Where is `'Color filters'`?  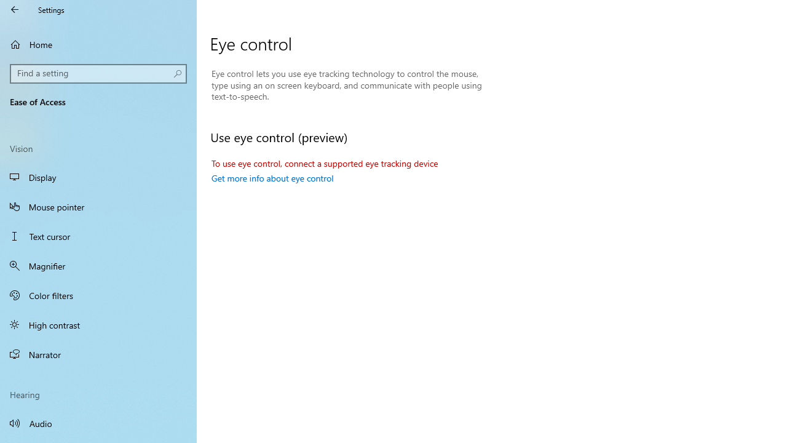 'Color filters' is located at coordinates (98, 295).